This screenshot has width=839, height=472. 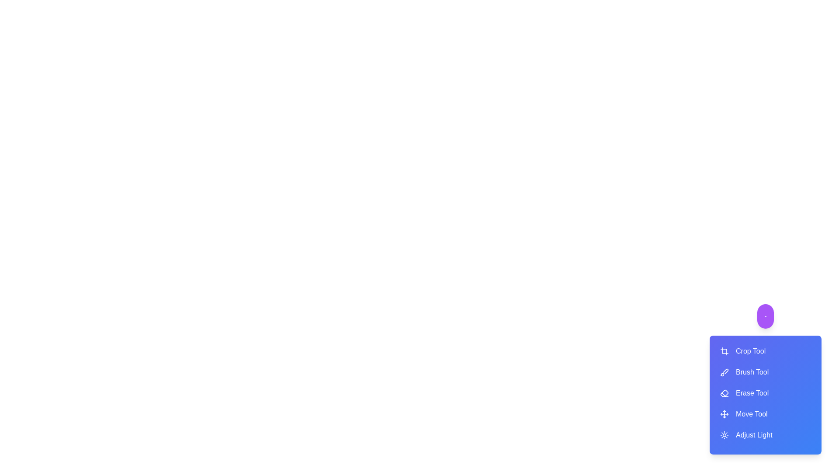 I want to click on the 'Erase Tool' button, which is the third button in a vertical list of tool options in the sidebar menu, featuring an eraser icon and white text on a gradient blue background, so click(x=765, y=392).